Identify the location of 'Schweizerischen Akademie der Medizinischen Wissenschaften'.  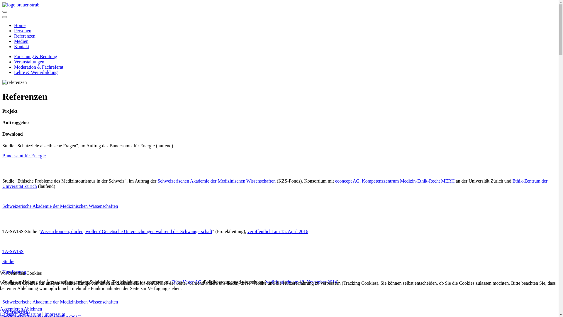
(216, 181).